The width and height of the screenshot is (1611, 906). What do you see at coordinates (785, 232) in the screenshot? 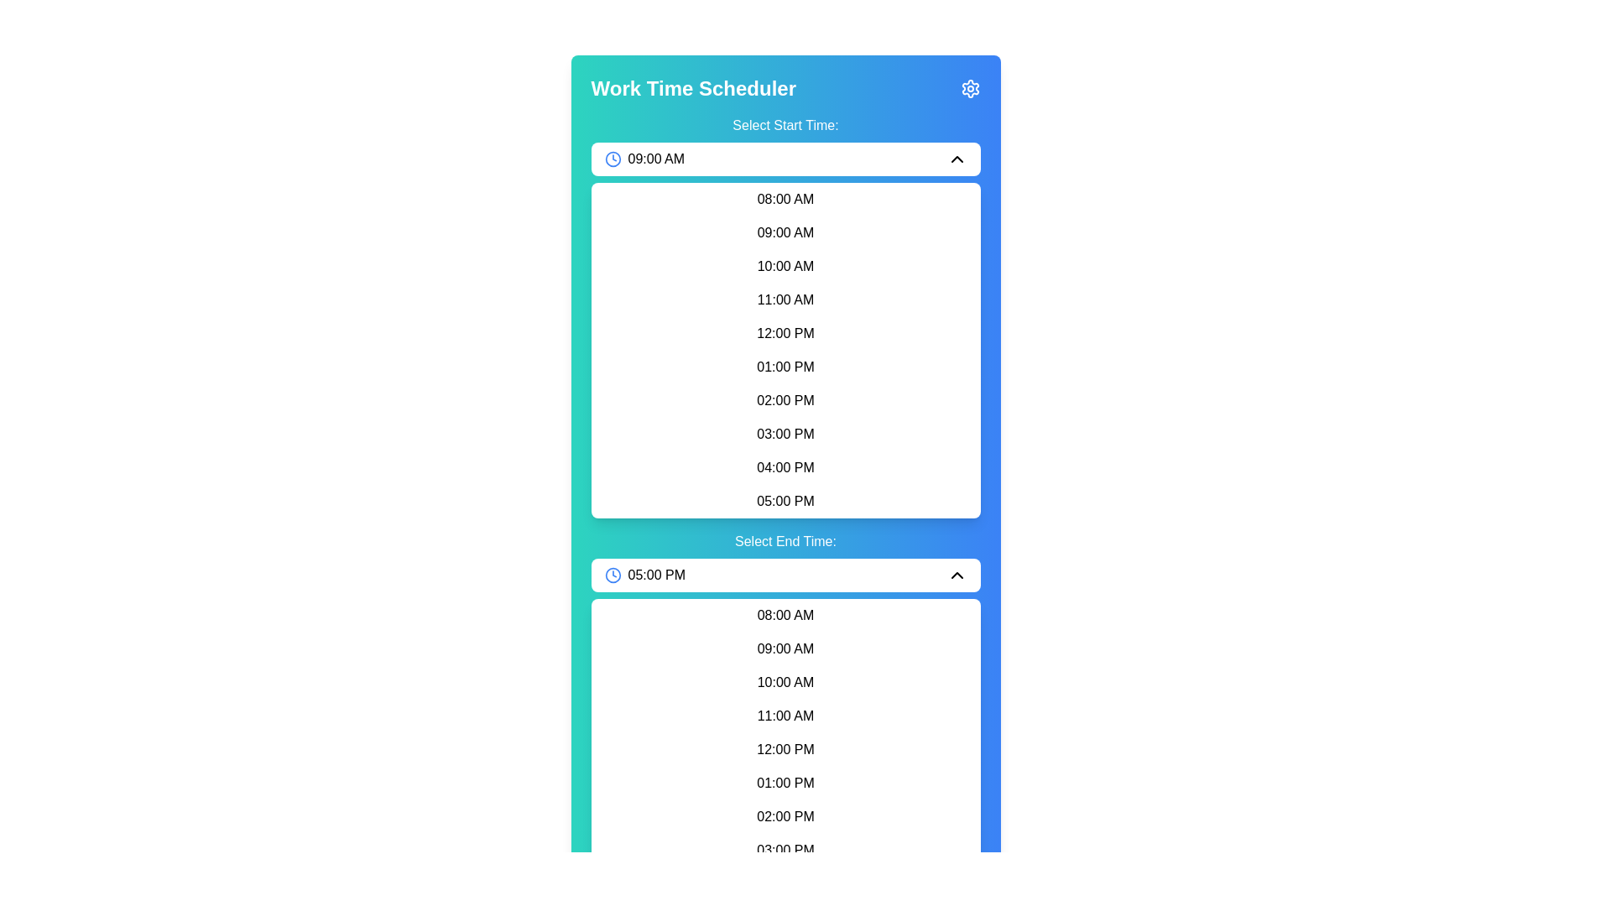
I see `to select the '09:00 AM' text option in the dropdown menu, which is the second item in a list of time options` at bounding box center [785, 232].